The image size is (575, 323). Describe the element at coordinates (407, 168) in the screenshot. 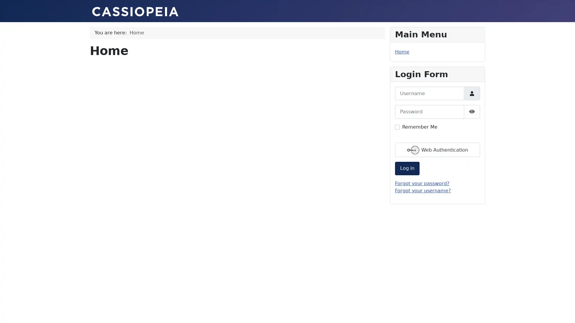

I see `Log in` at that location.